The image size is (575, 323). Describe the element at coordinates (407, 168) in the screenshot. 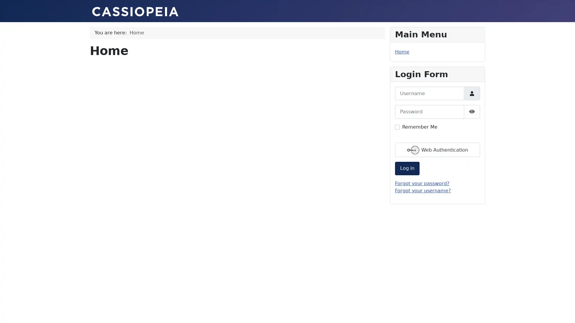

I see `Log in` at that location.